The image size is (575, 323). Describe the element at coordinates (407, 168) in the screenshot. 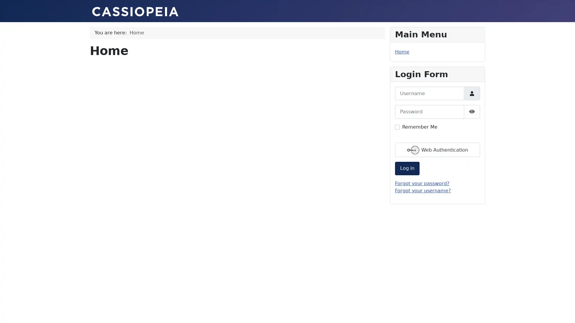

I see `Log in` at that location.